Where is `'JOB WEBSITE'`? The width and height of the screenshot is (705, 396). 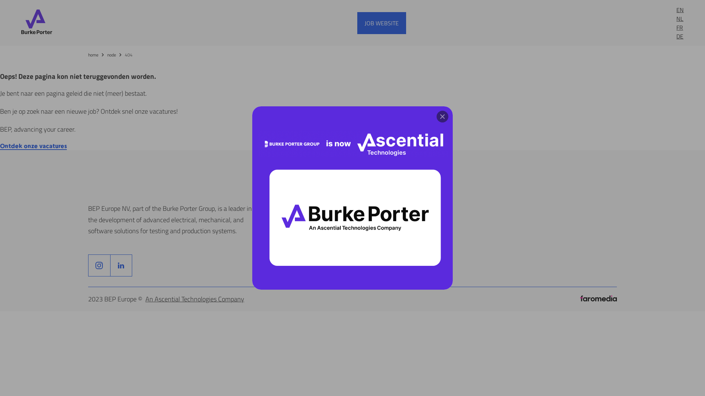
'JOB WEBSITE' is located at coordinates (382, 22).